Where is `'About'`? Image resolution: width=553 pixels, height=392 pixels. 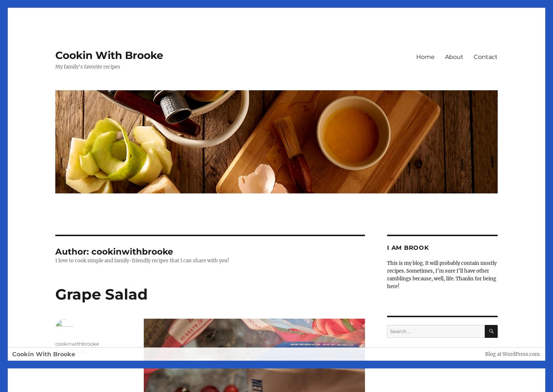
'About' is located at coordinates (453, 56).